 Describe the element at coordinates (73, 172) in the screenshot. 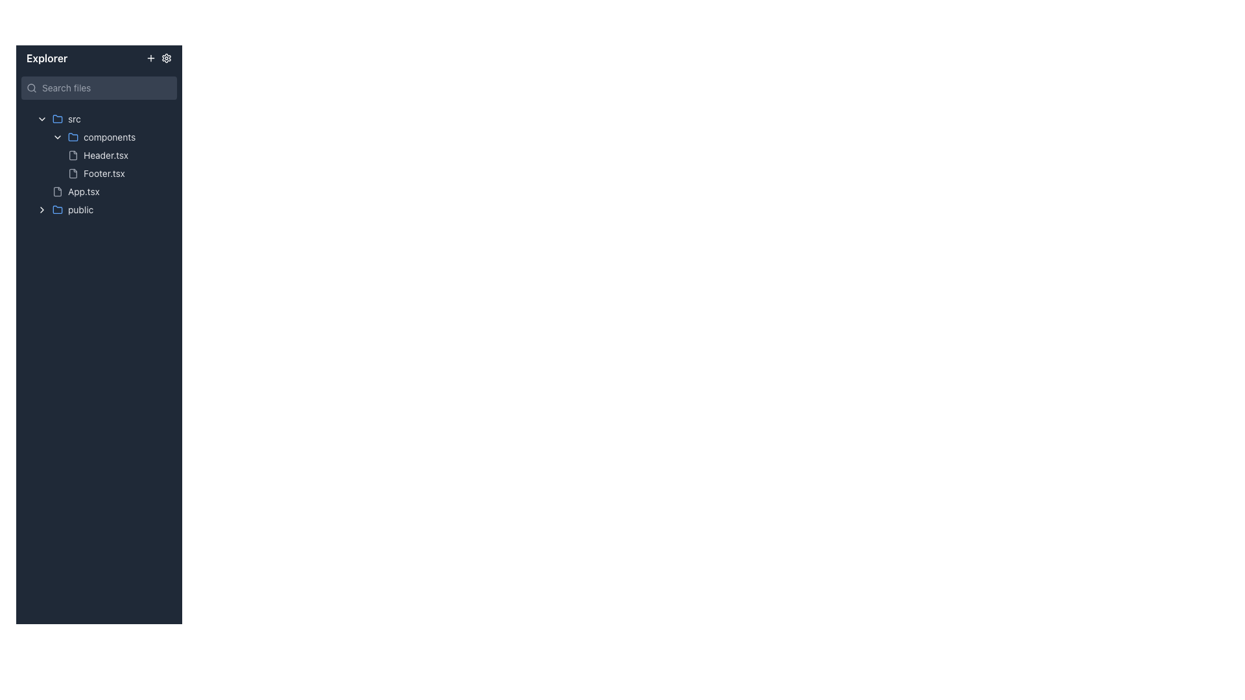

I see `the decorative icon representing the file type next to 'Footer.tsx'` at that location.